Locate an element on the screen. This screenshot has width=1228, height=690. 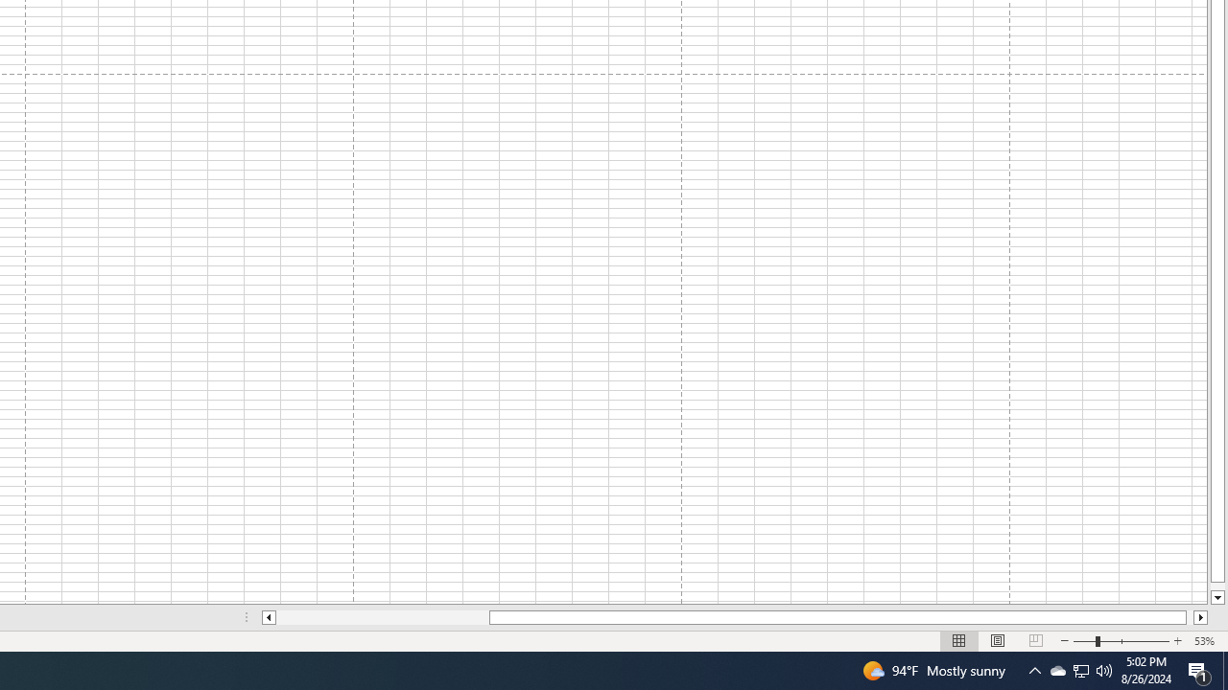
'Column left' is located at coordinates (267, 617).